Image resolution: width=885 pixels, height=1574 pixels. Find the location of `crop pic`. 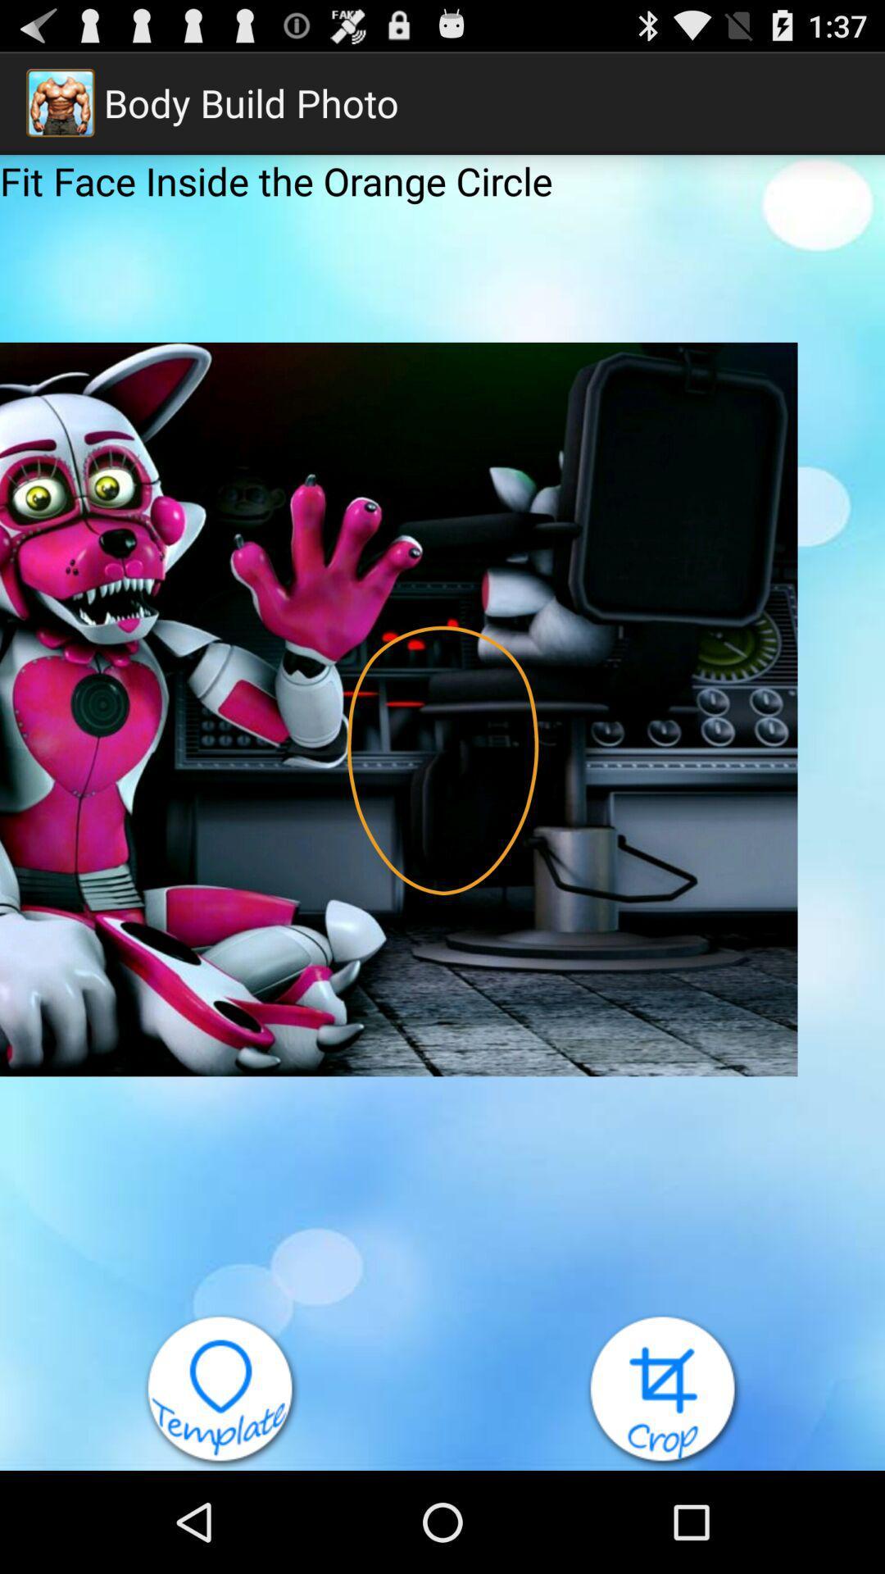

crop pic is located at coordinates (664, 1390).